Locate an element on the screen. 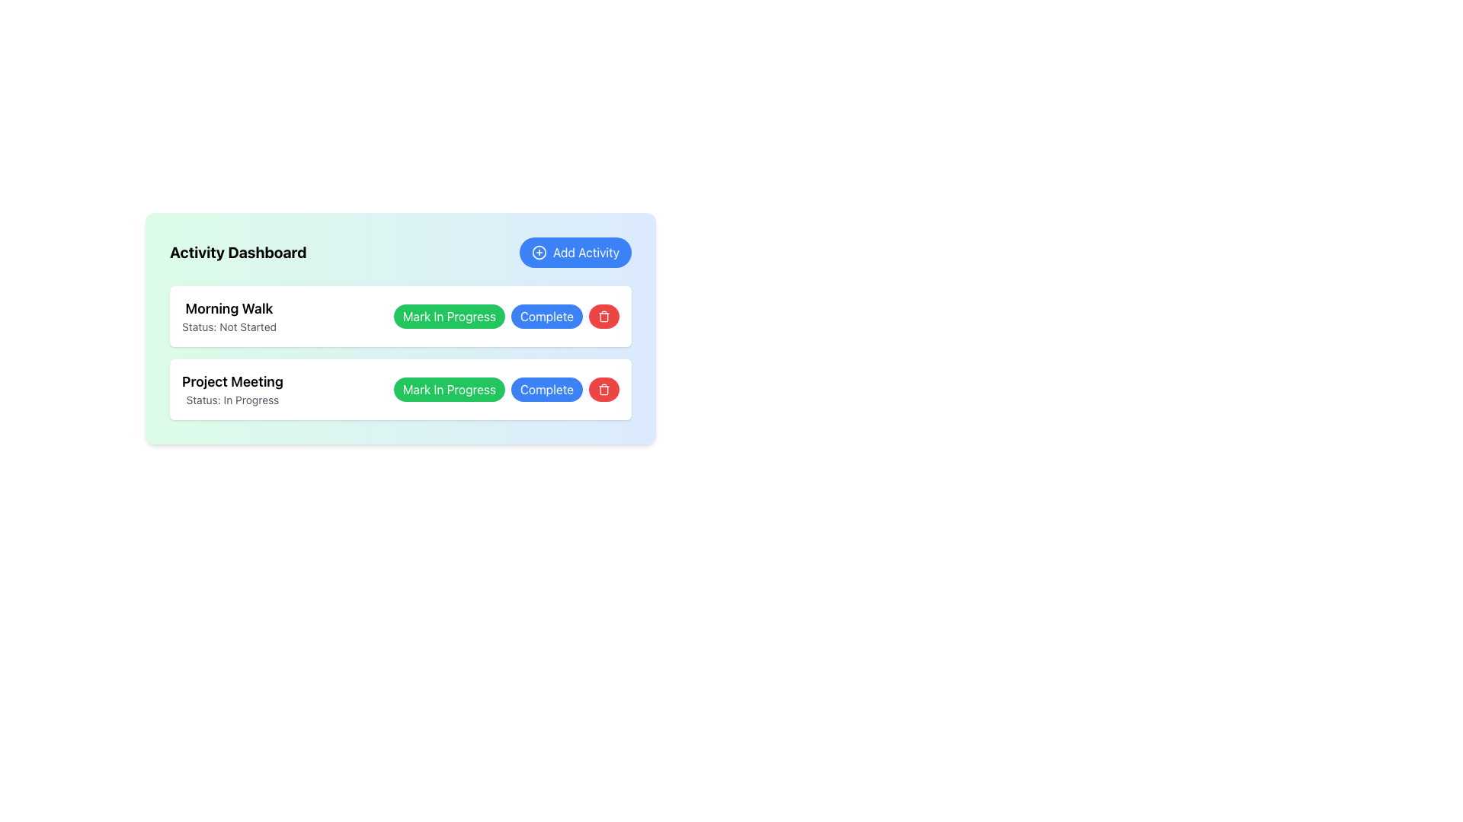 The width and height of the screenshot is (1463, 822). the text label displaying the title 'Morning Walk' located at the top of the activity card in the interface, which is positioned below the 'Activity Dashboard' is located at coordinates (229, 308).